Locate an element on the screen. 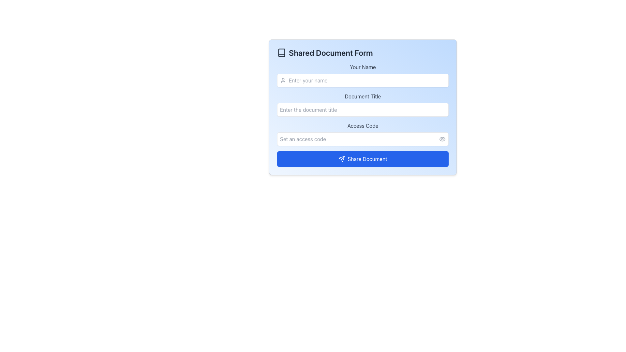 The width and height of the screenshot is (626, 352). the share button at the bottom of the 'Shared Document Form' is located at coordinates (363, 159).